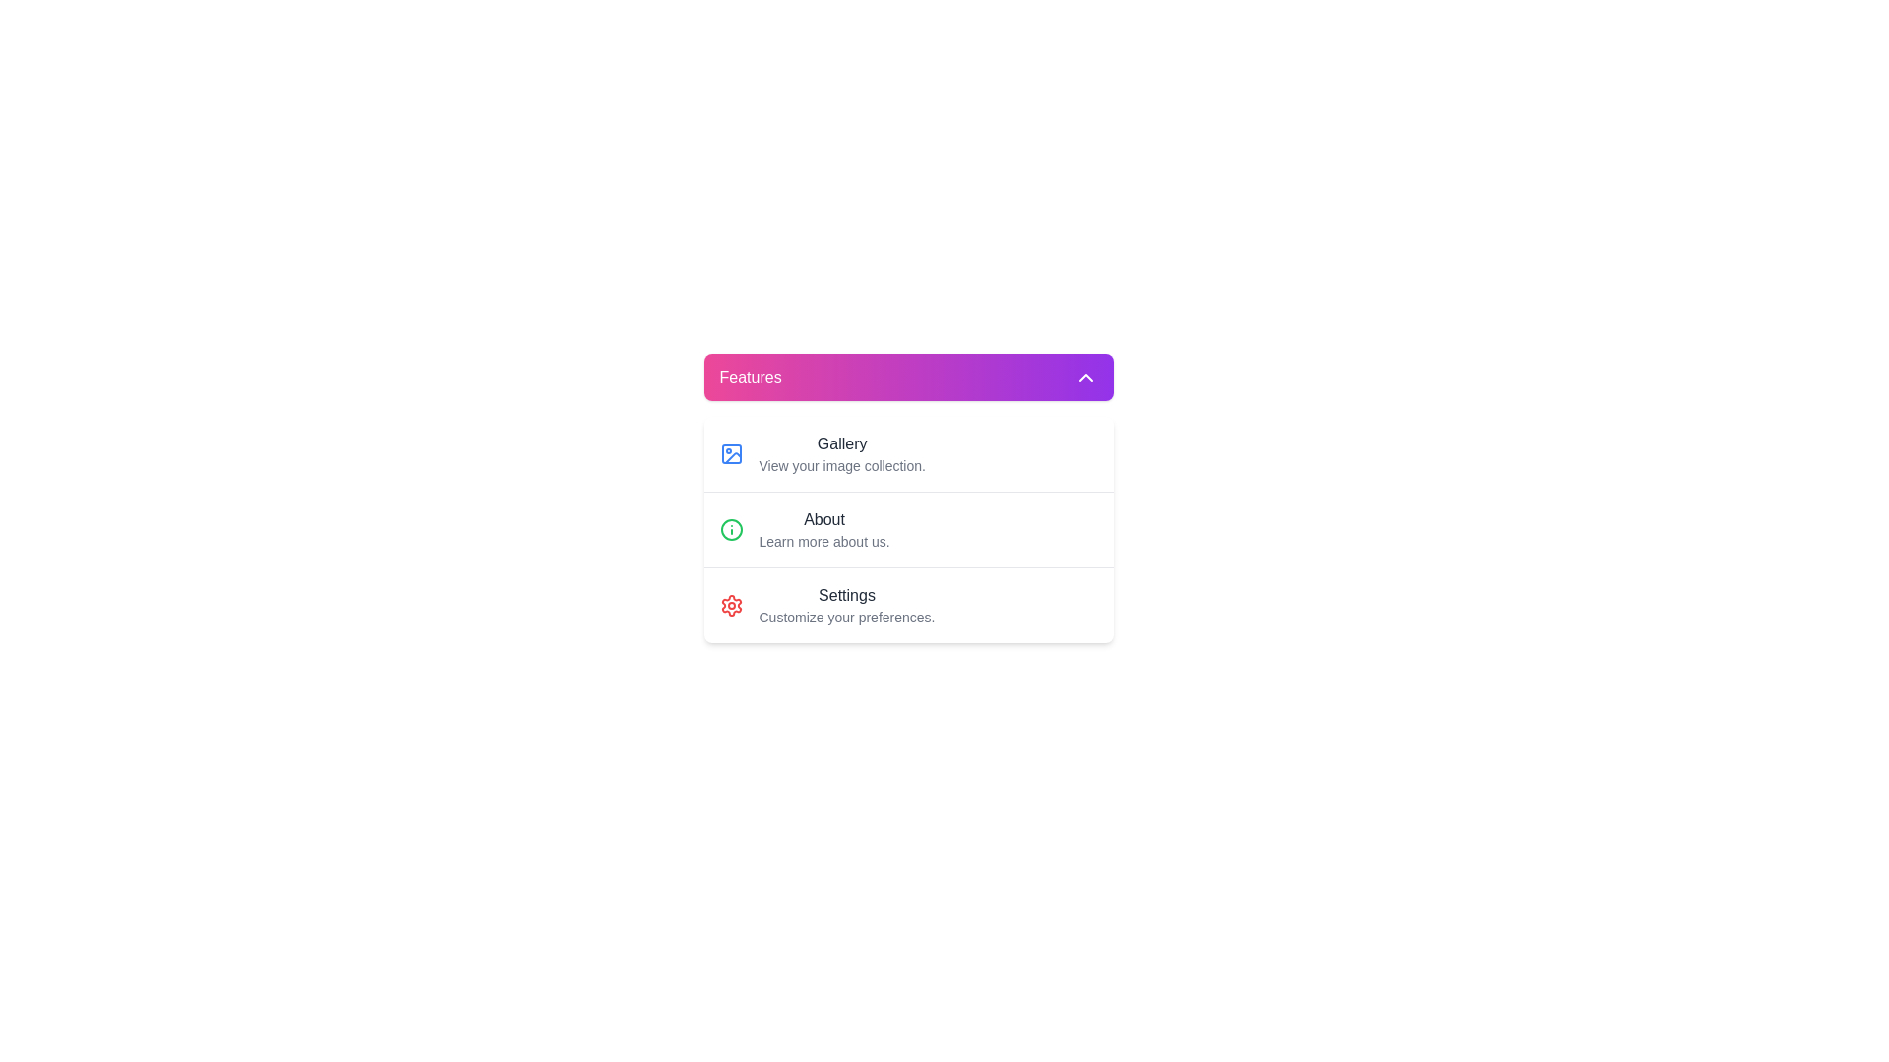 The height and width of the screenshot is (1062, 1889). What do you see at coordinates (907, 529) in the screenshot?
I see `the second menu option in the vertical list, which is visually styled with a white background, shadow, and rounded corners, and labeled 'About.'` at bounding box center [907, 529].